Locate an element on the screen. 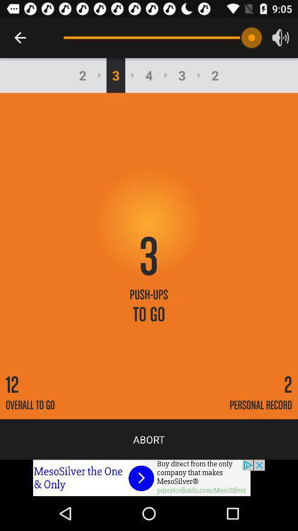 The height and width of the screenshot is (531, 298). mesosilver advertisement is located at coordinates (149, 477).